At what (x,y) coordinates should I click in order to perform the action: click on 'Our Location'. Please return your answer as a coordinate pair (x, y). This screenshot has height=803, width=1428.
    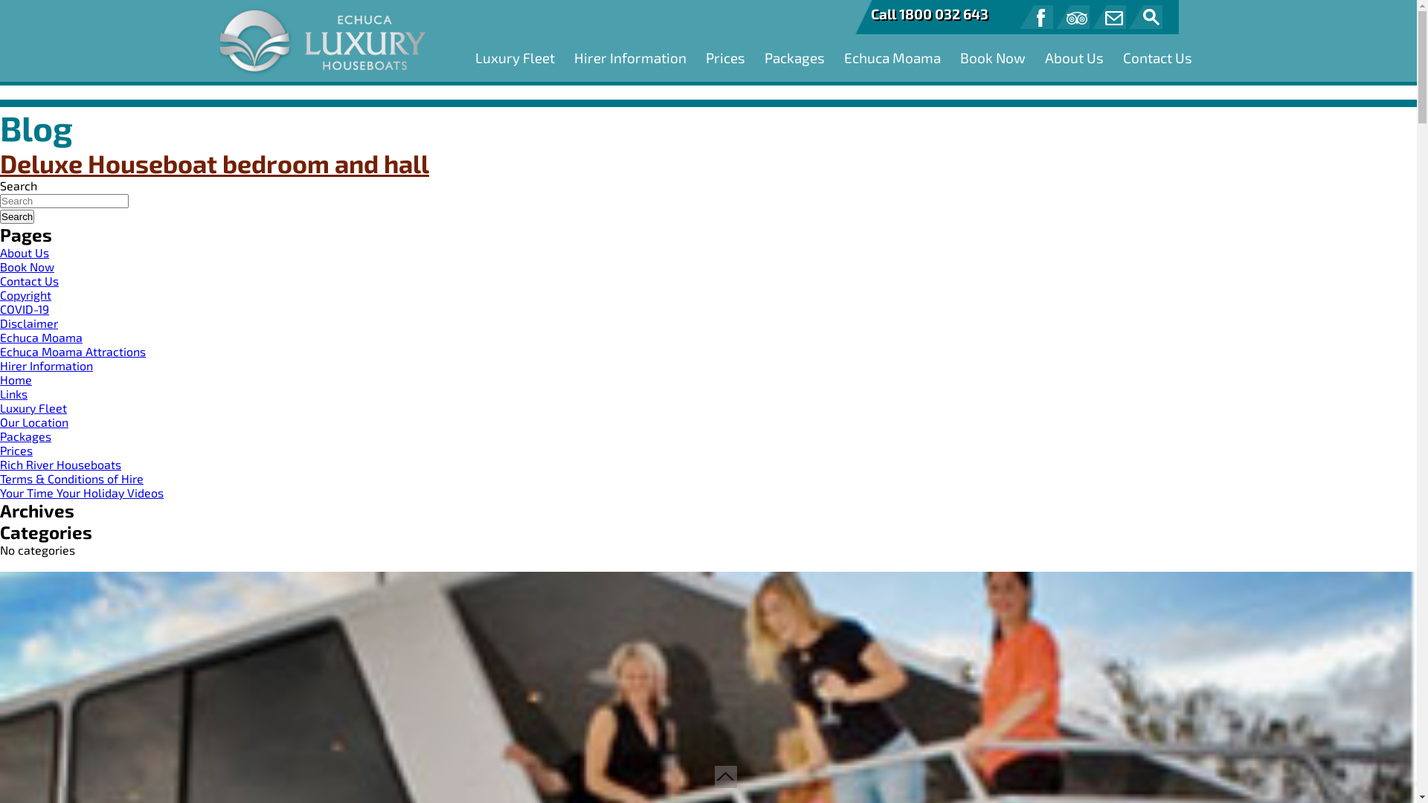
    Looking at the image, I should click on (0, 422).